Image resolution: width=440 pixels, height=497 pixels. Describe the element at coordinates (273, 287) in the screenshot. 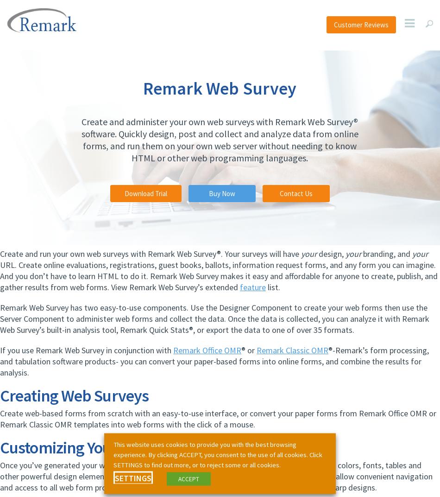

I see `'list.'` at that location.